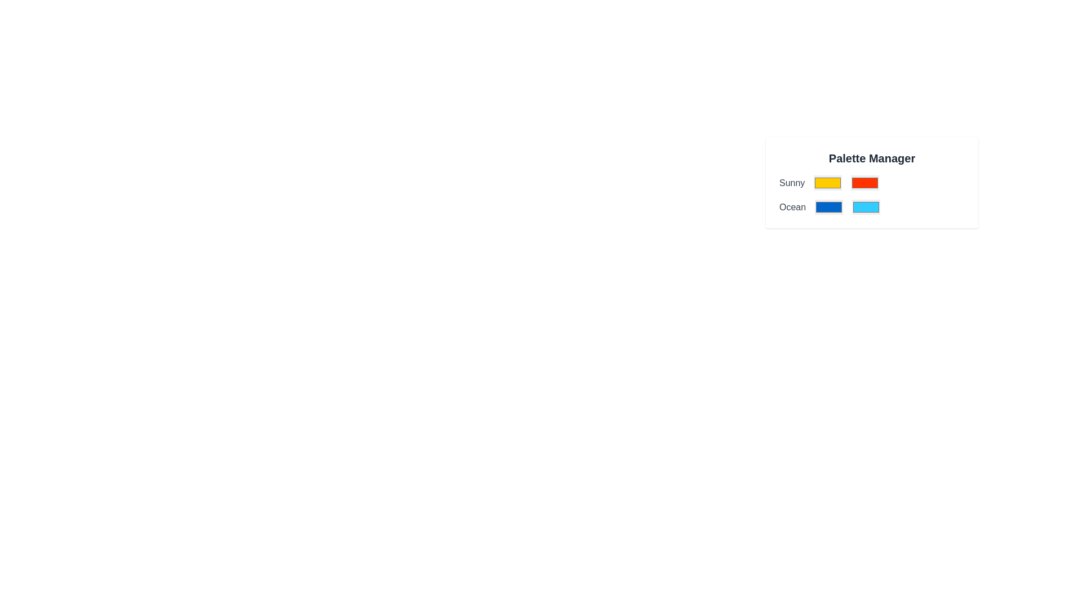  What do you see at coordinates (871, 182) in the screenshot?
I see `the second interactive color box in the color palette manager UI` at bounding box center [871, 182].